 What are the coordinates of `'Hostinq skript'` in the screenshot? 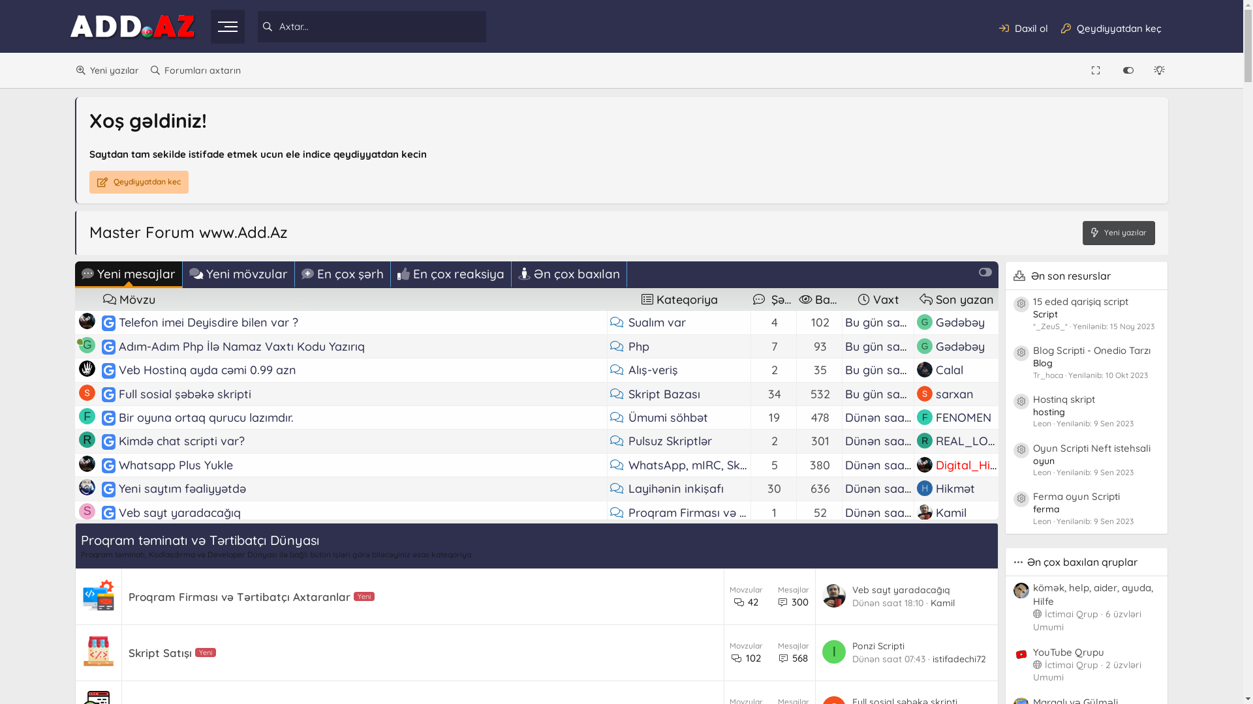 It's located at (1064, 398).